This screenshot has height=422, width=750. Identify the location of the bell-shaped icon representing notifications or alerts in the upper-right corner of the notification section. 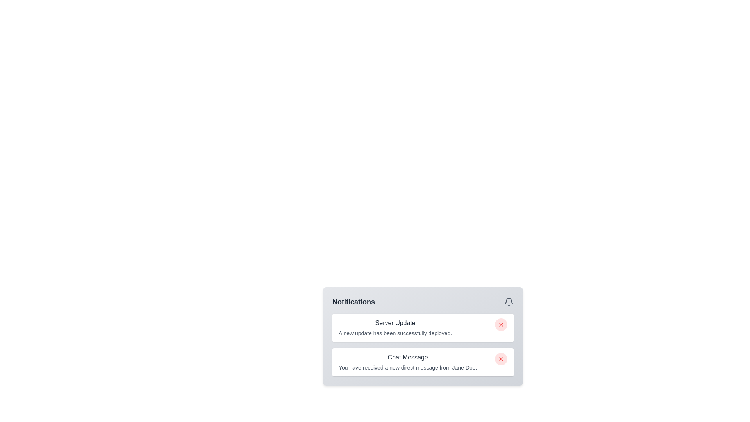
(509, 300).